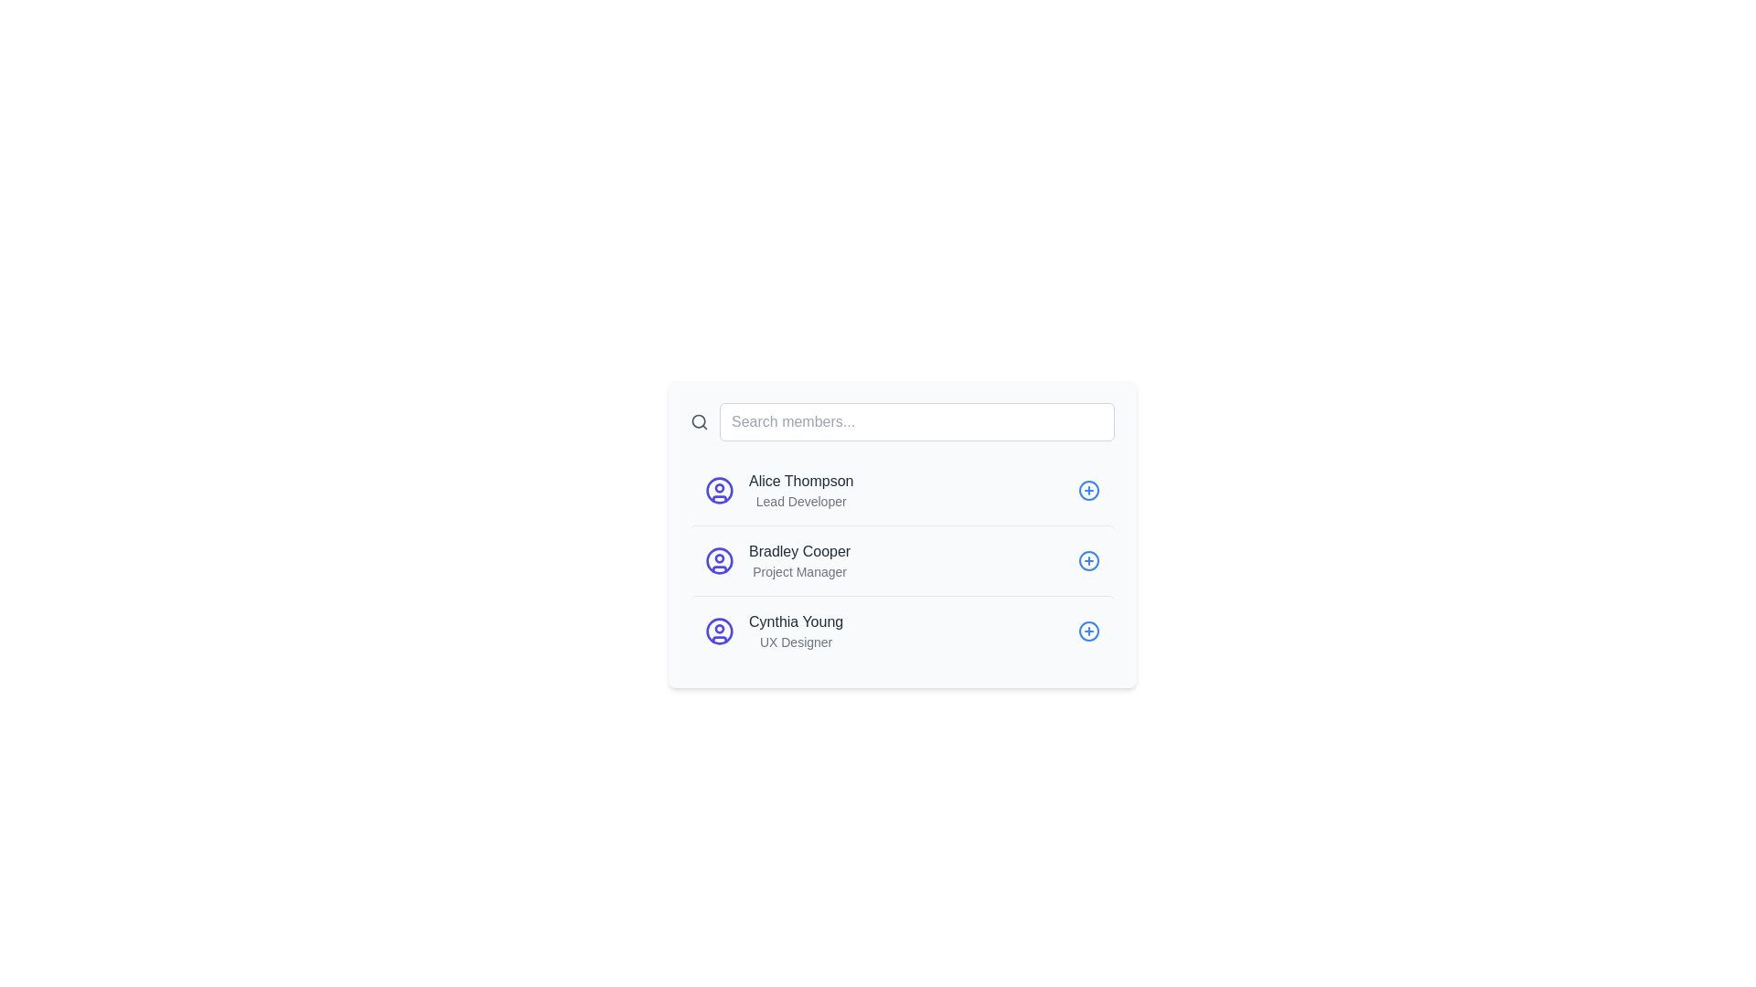 This screenshot has width=1756, height=987. What do you see at coordinates (1088, 489) in the screenshot?
I see `the circular SVG graphic in the top-right corner of the profile for 'Alice Thompson, Lead Developer' to interact with the user profile` at bounding box center [1088, 489].